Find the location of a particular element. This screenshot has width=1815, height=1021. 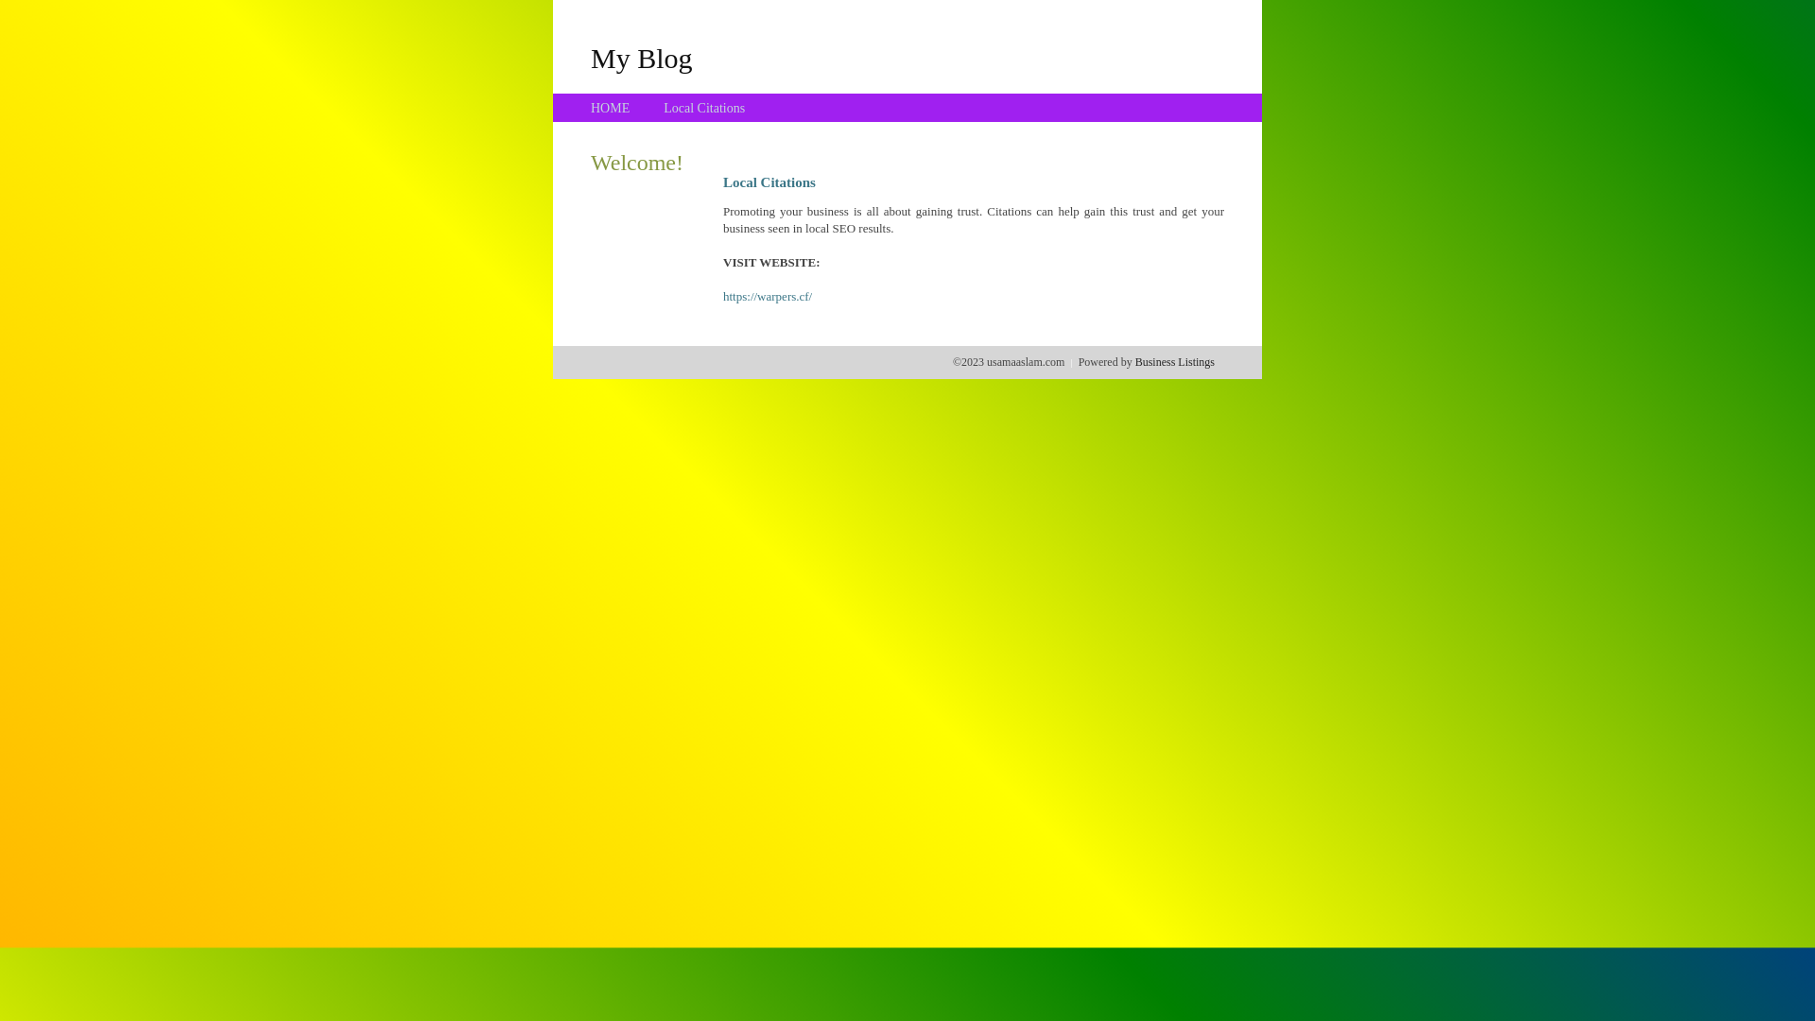

'My Blog' is located at coordinates (641, 57).